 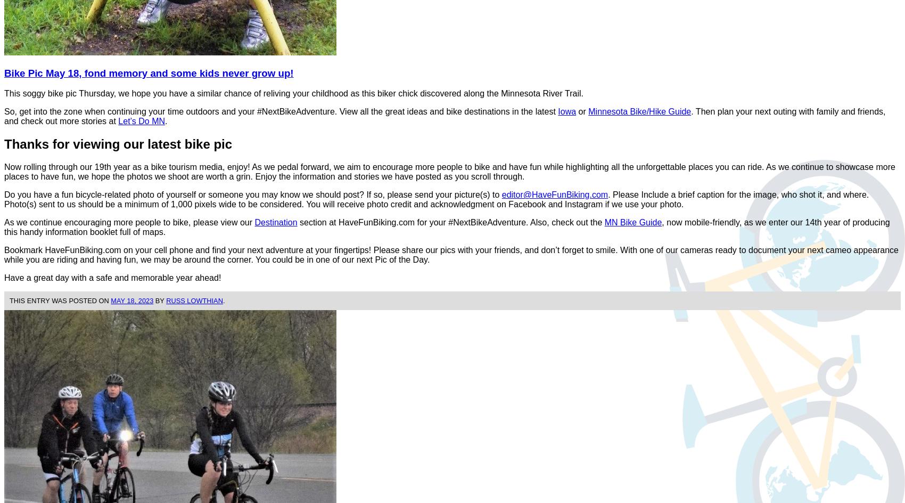 What do you see at coordinates (54, 300) in the screenshot?
I see `'This entry was posted'` at bounding box center [54, 300].